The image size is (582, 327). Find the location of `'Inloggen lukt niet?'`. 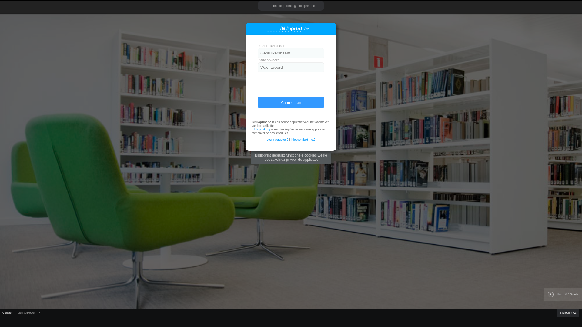

'Inloggen lukt niet?' is located at coordinates (303, 140).